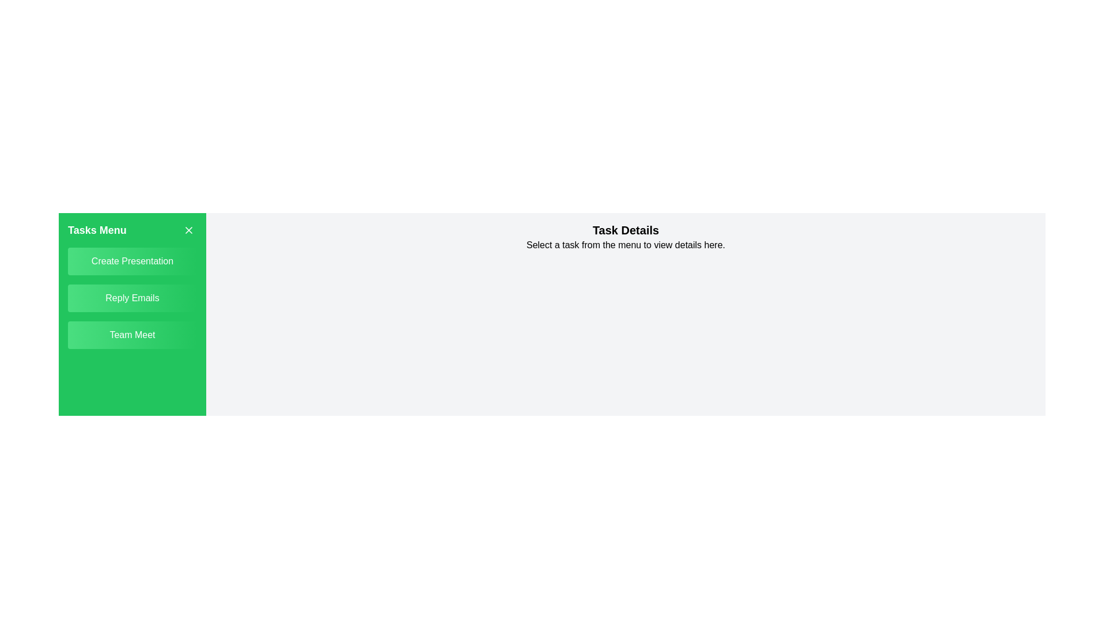  I want to click on the task titled Create Presentation in the task list, so click(132, 261).